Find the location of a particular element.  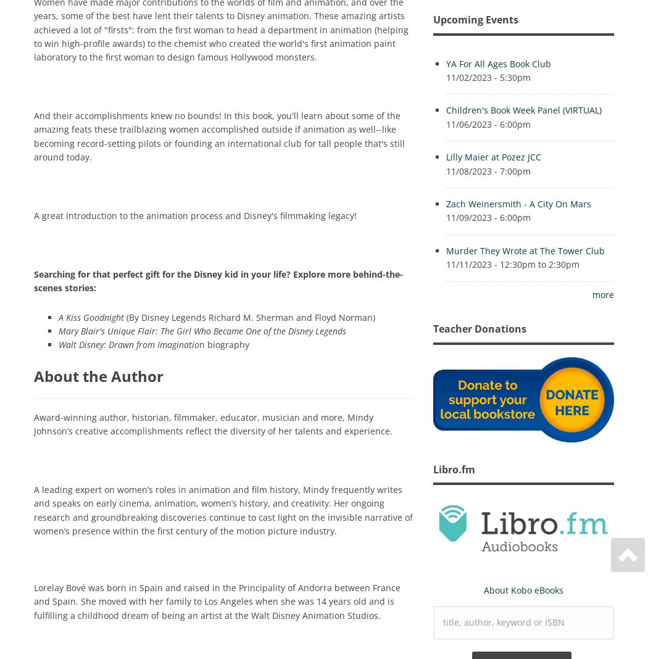

'A Kiss Goodnight' is located at coordinates (91, 317).